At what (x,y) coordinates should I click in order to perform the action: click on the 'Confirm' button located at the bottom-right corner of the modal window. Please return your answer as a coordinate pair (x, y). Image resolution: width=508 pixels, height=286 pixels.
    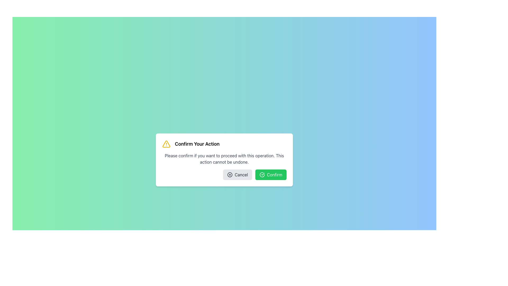
    Looking at the image, I should click on (262, 175).